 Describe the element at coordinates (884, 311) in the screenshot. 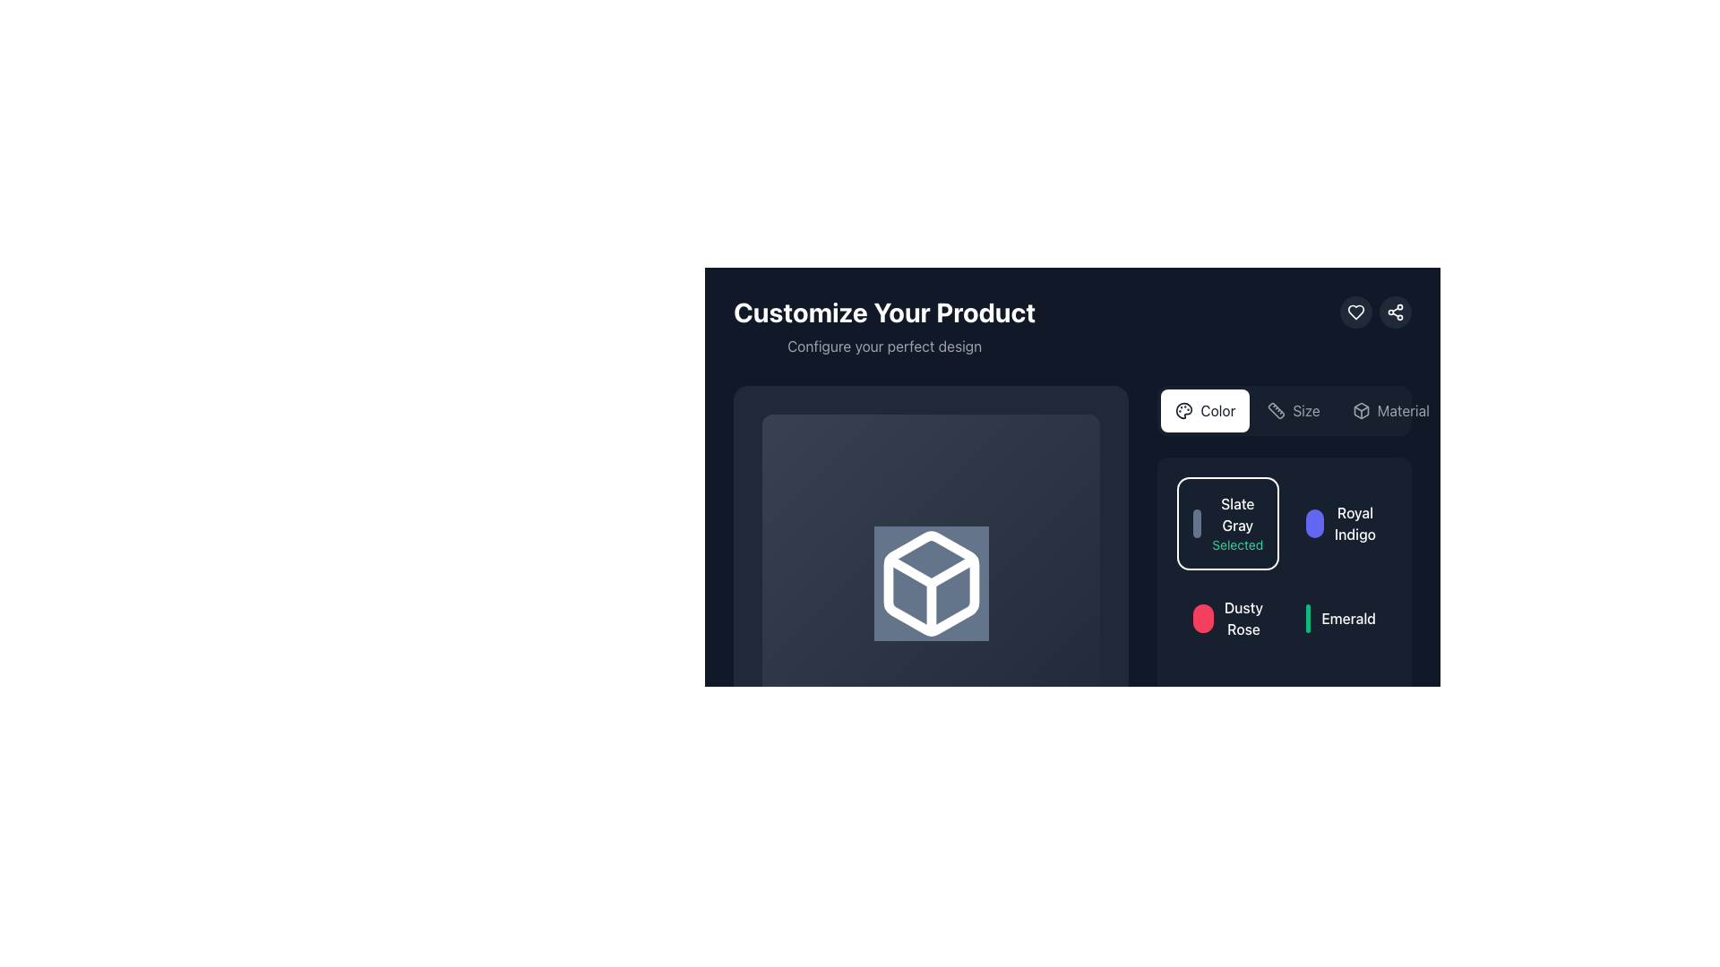

I see `the main heading or title text that indicates the purpose of customizing a product` at that location.